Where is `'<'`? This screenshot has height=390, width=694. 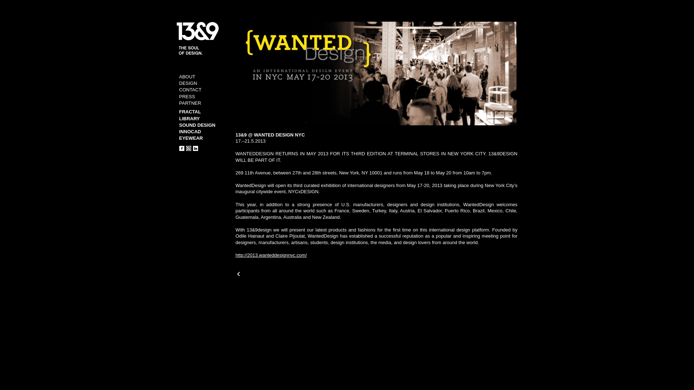
'<' is located at coordinates (239, 274).